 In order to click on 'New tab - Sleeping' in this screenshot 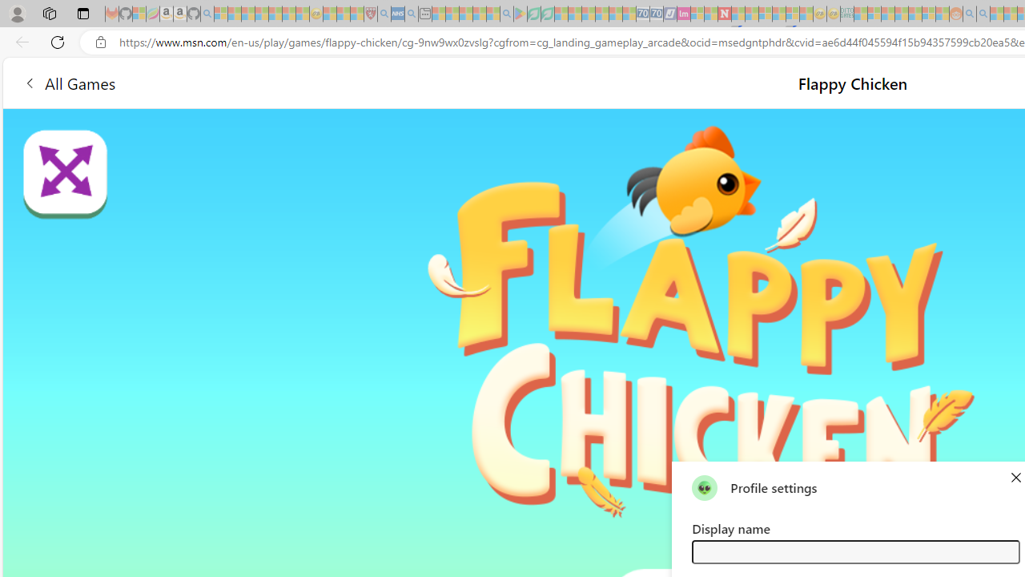, I will do `click(425, 14)`.